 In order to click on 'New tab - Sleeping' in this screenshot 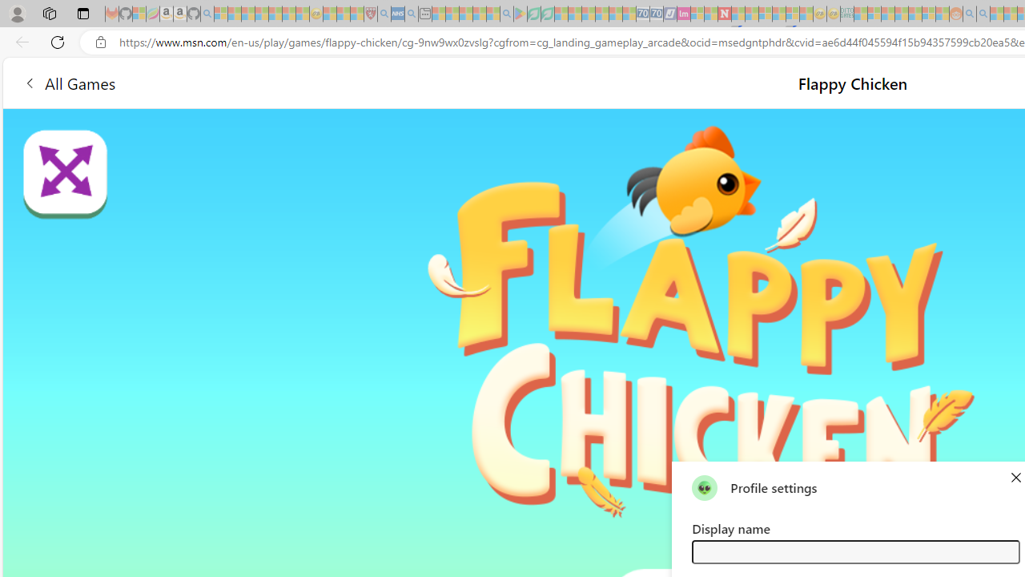, I will do `click(425, 14)`.